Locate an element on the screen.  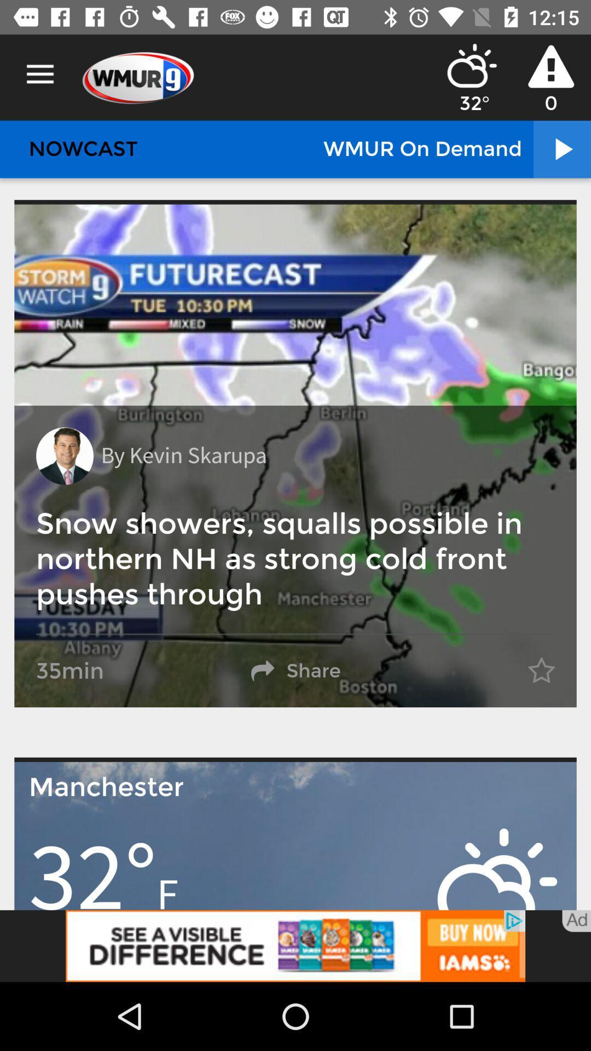
advertisements image is located at coordinates (296, 945).